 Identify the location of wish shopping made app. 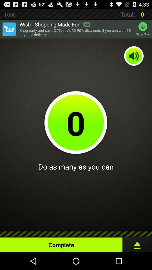
(55, 24).